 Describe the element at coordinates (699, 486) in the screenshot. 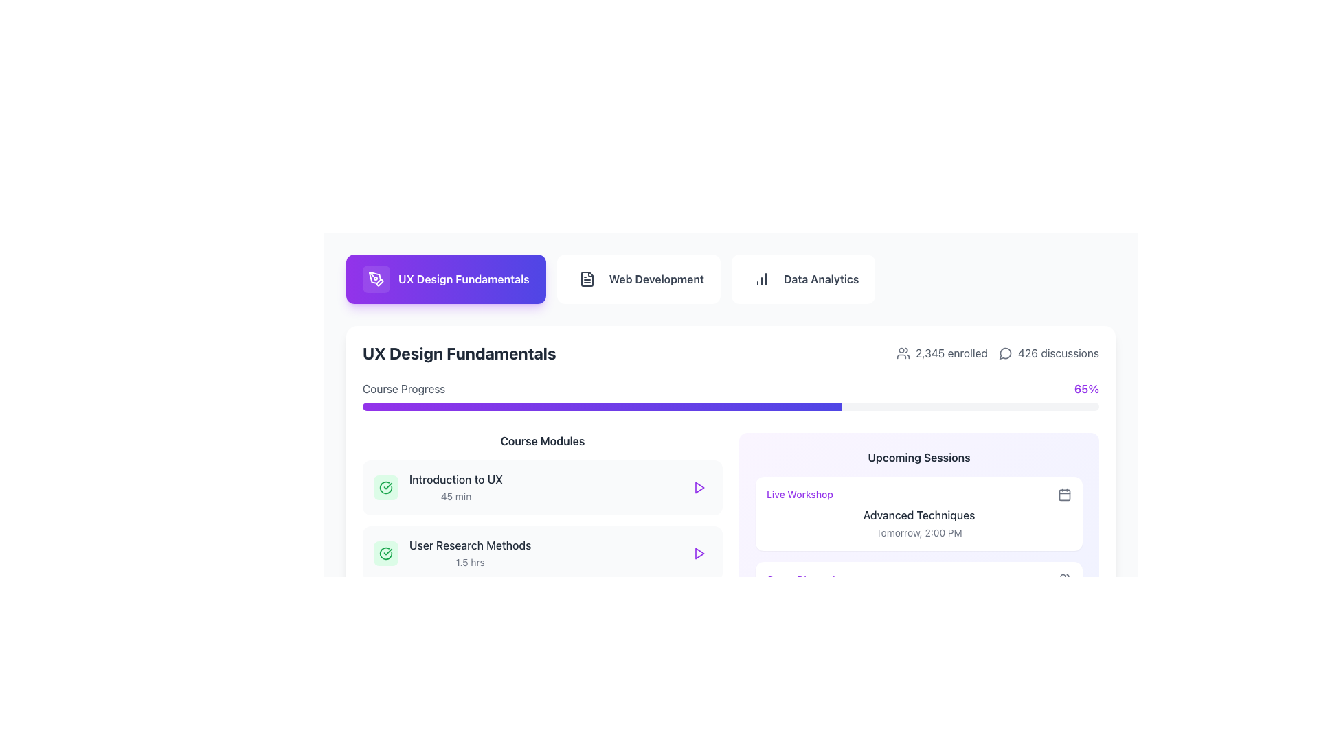

I see `the triangular 'Play' button located at the bottom right of the 'User Research Methods' card` at that location.